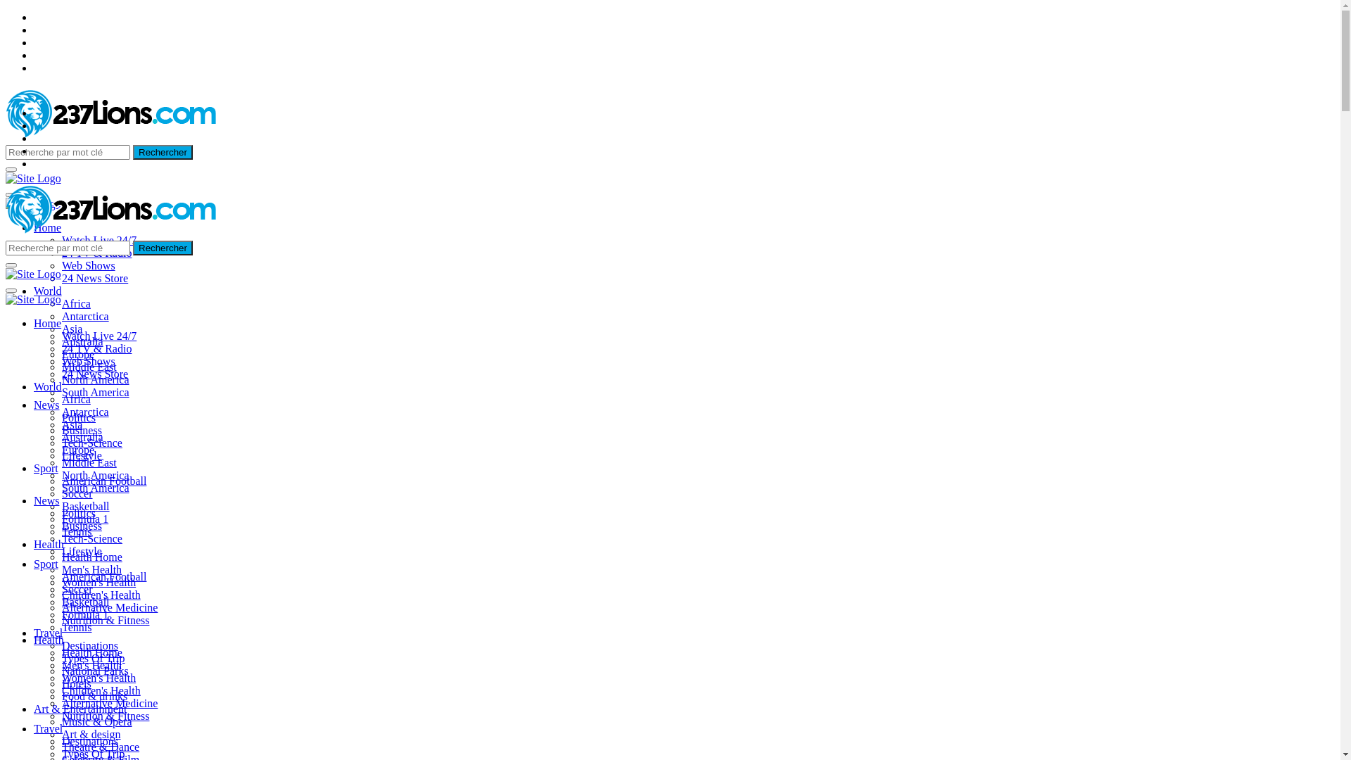 This screenshot has height=760, width=1351. Describe the element at coordinates (84, 315) in the screenshot. I see `'Antarctica'` at that location.